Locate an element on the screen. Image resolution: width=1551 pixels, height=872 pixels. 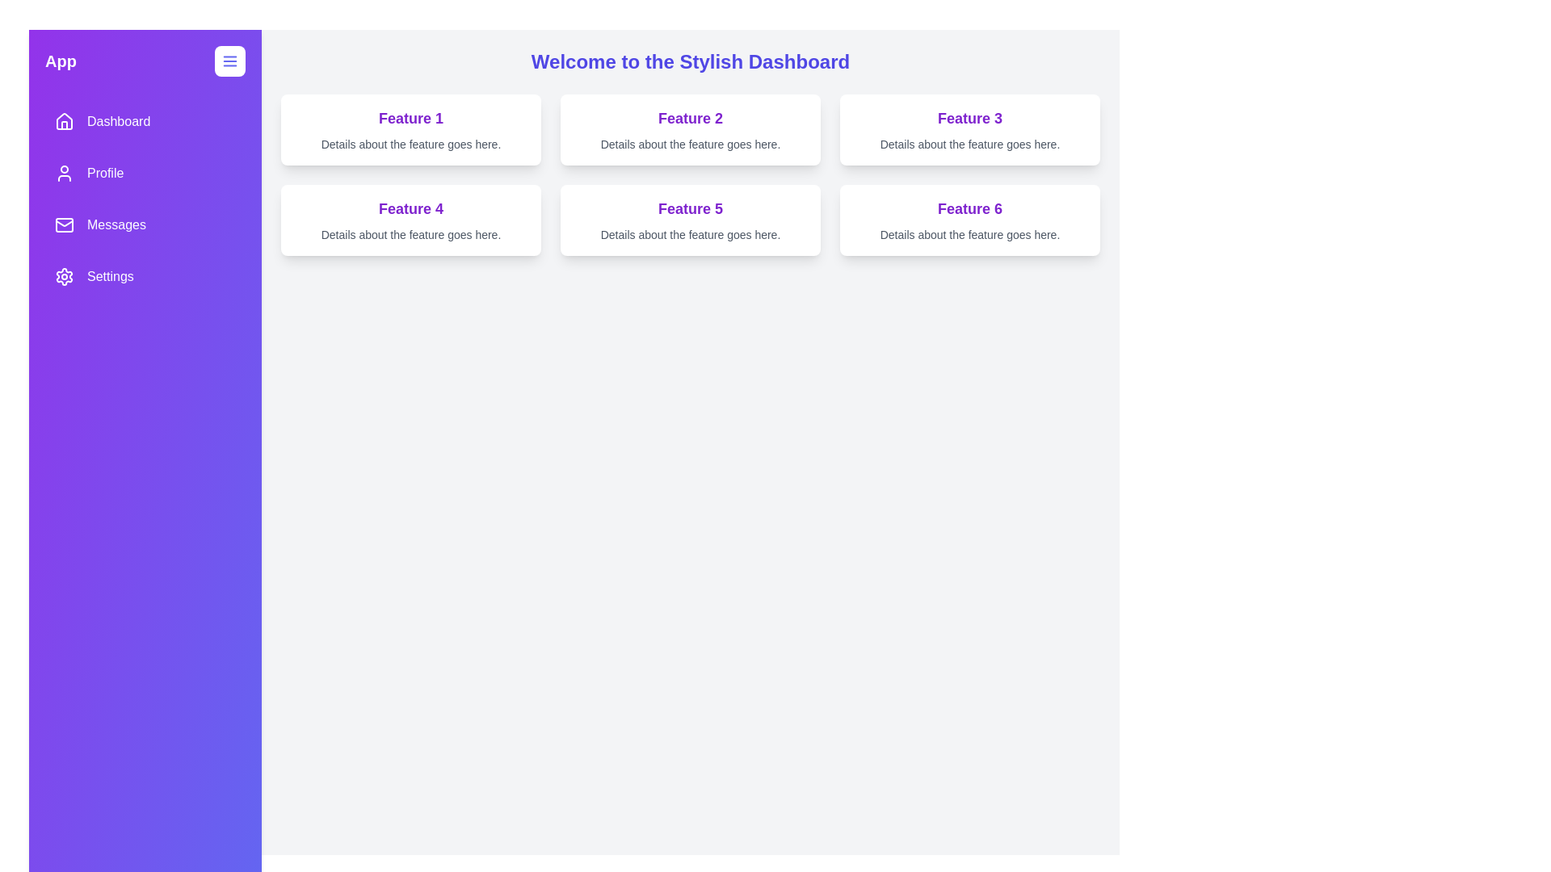
the card displaying 'Feature 5' located in the second row and second column of the grid layout is located at coordinates (690, 220).